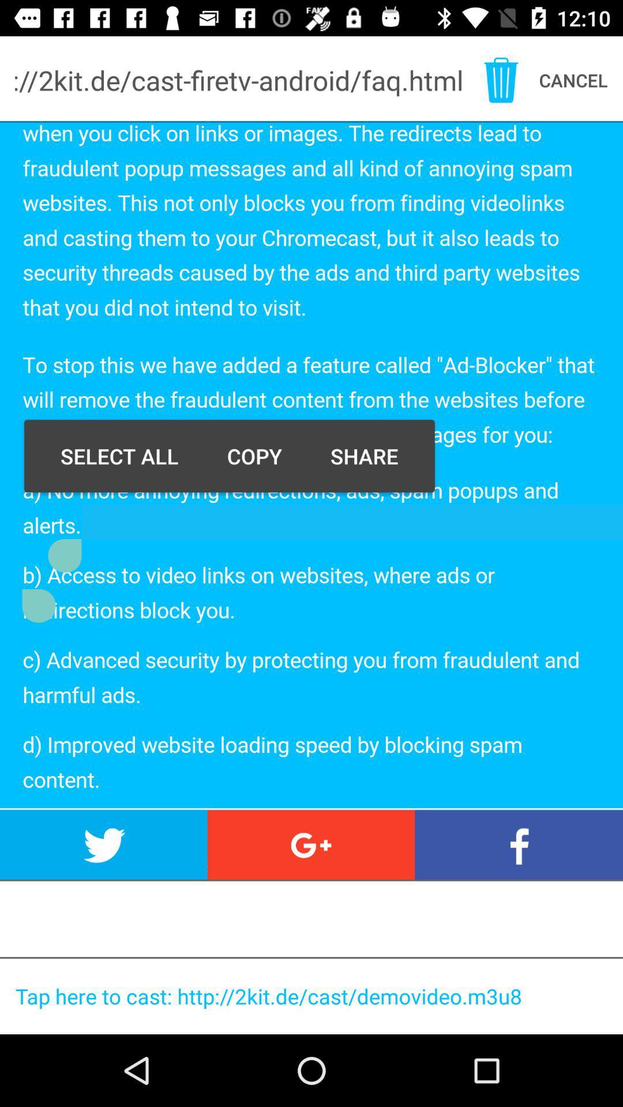 Image resolution: width=623 pixels, height=1107 pixels. What do you see at coordinates (581, 80) in the screenshot?
I see `the text cancel which is at the right top corner` at bounding box center [581, 80].